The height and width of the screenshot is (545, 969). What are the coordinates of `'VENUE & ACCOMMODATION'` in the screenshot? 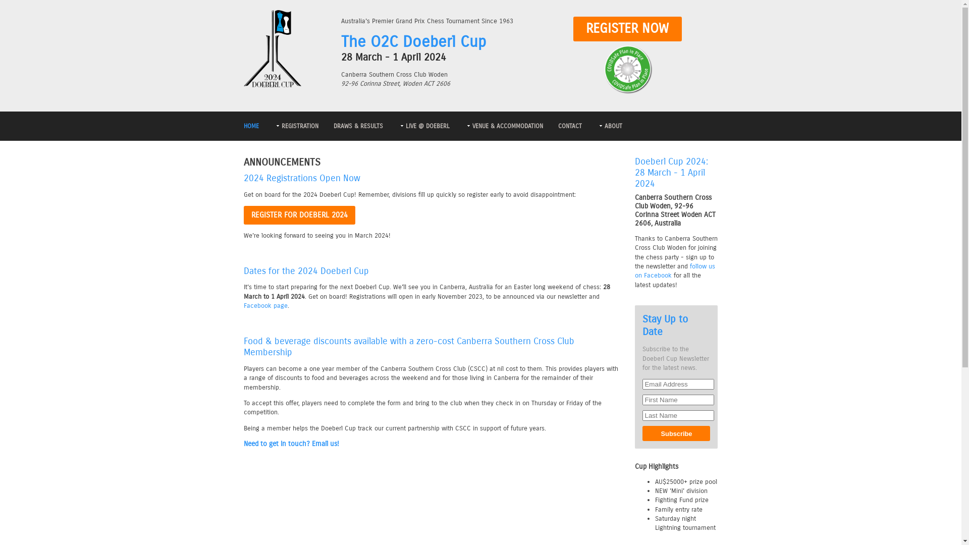 It's located at (503, 126).